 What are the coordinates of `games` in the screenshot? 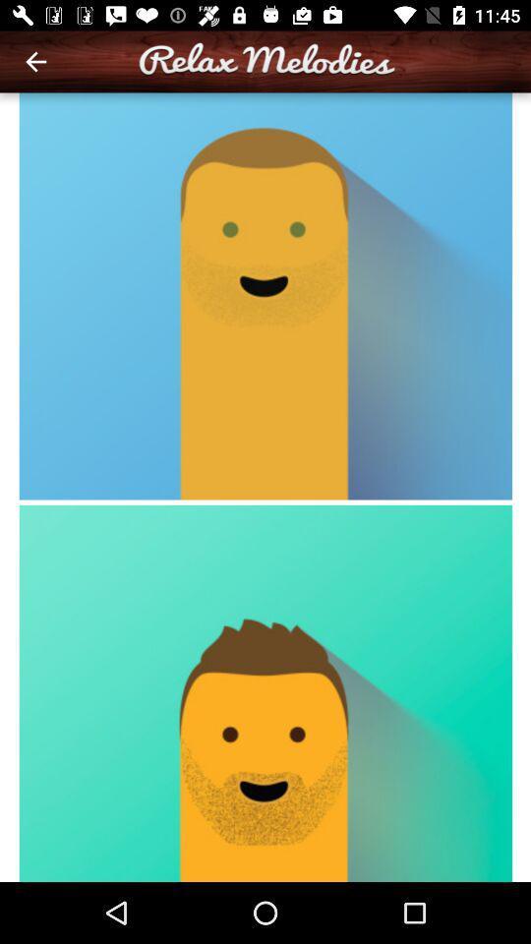 It's located at (265, 486).